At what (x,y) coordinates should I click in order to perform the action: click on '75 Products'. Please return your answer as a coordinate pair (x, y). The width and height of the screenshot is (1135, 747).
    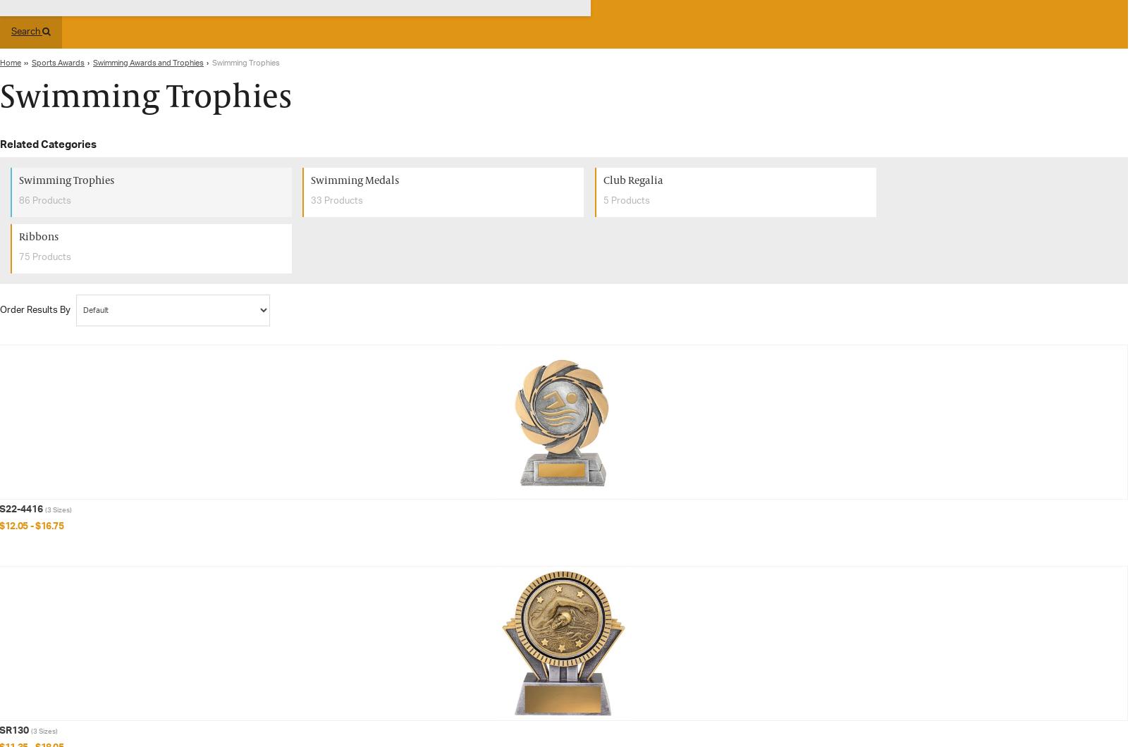
    Looking at the image, I should click on (44, 257).